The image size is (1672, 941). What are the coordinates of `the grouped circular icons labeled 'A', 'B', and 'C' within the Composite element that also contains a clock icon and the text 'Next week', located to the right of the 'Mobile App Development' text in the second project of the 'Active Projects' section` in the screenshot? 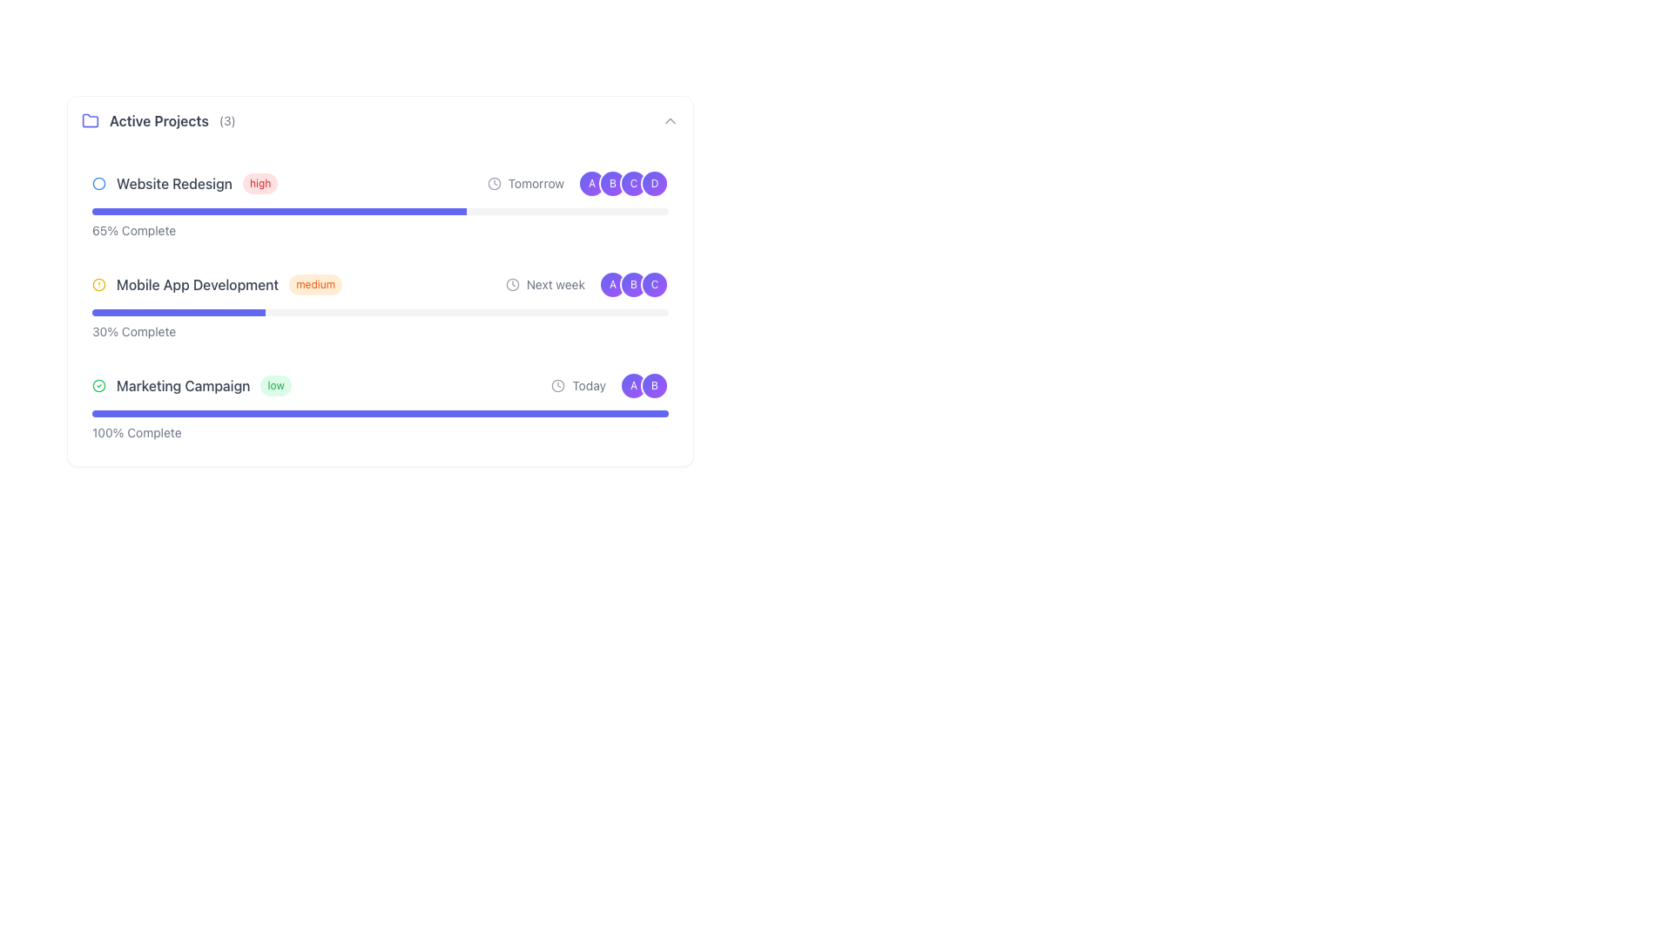 It's located at (586, 284).